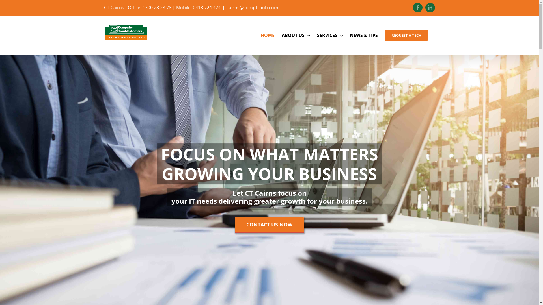  What do you see at coordinates (406, 35) in the screenshot?
I see `'REQUEST A TECH'` at bounding box center [406, 35].